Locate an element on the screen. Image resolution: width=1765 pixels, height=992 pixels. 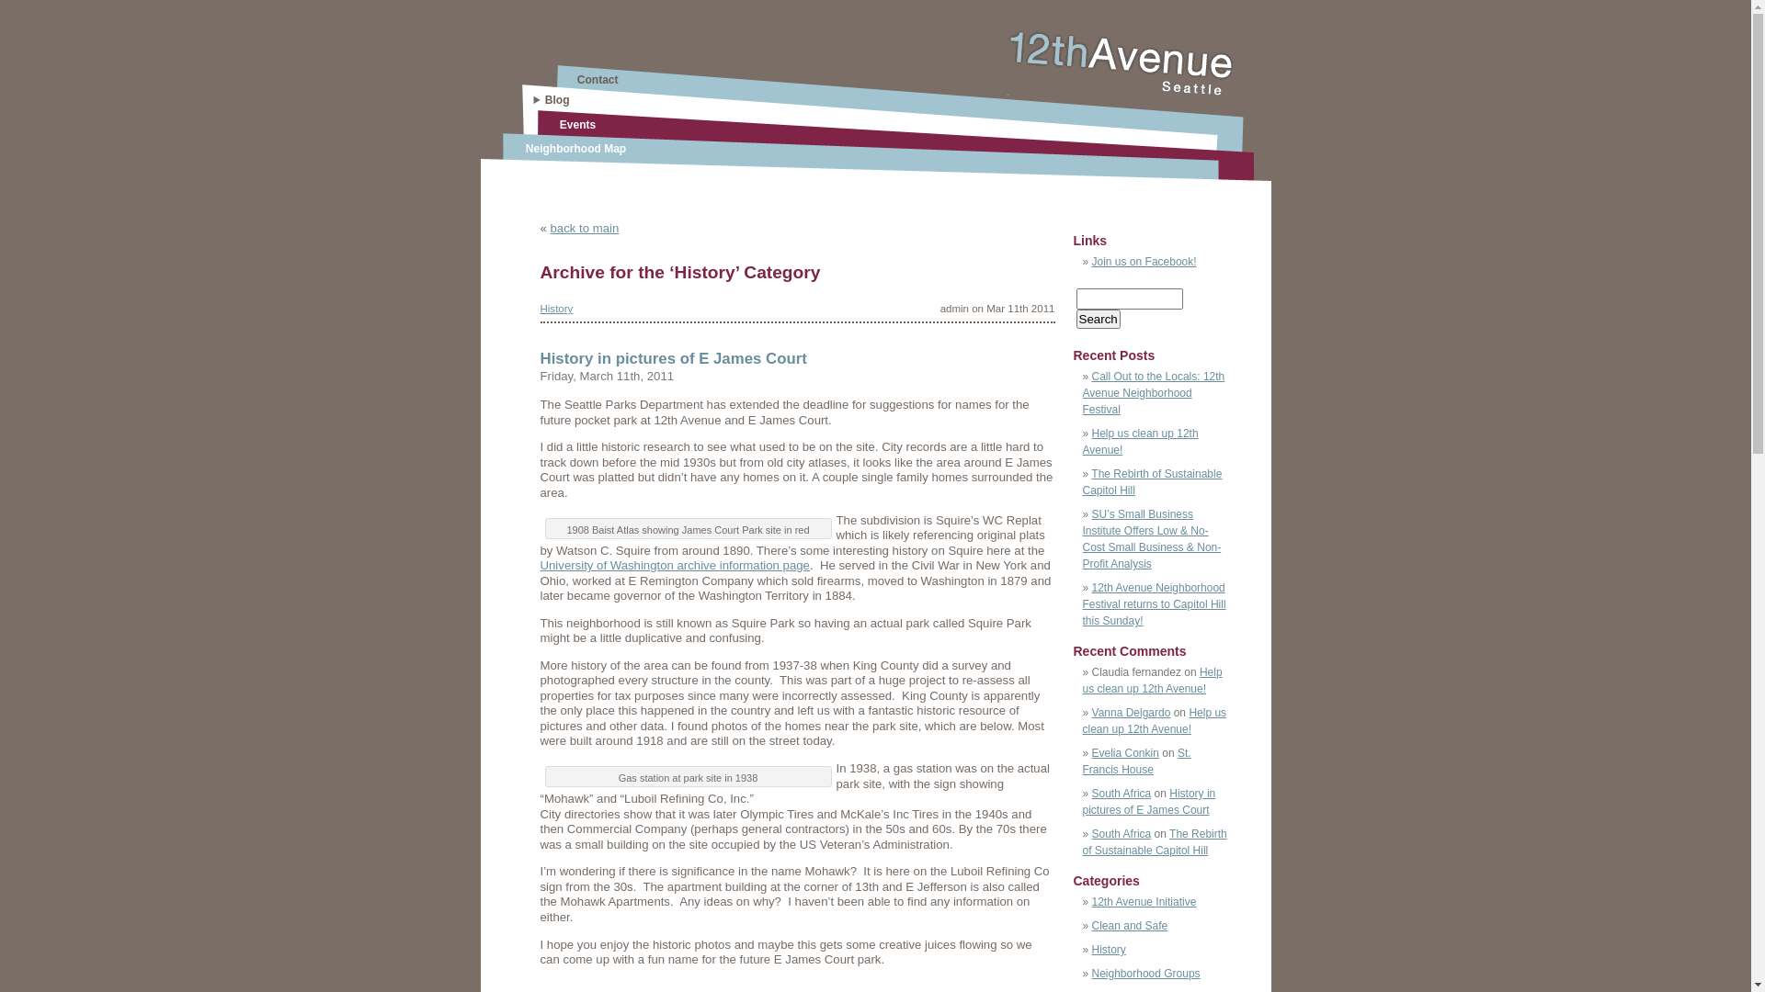
'Help us clean up 12th Avenue!' is located at coordinates (1140, 442).